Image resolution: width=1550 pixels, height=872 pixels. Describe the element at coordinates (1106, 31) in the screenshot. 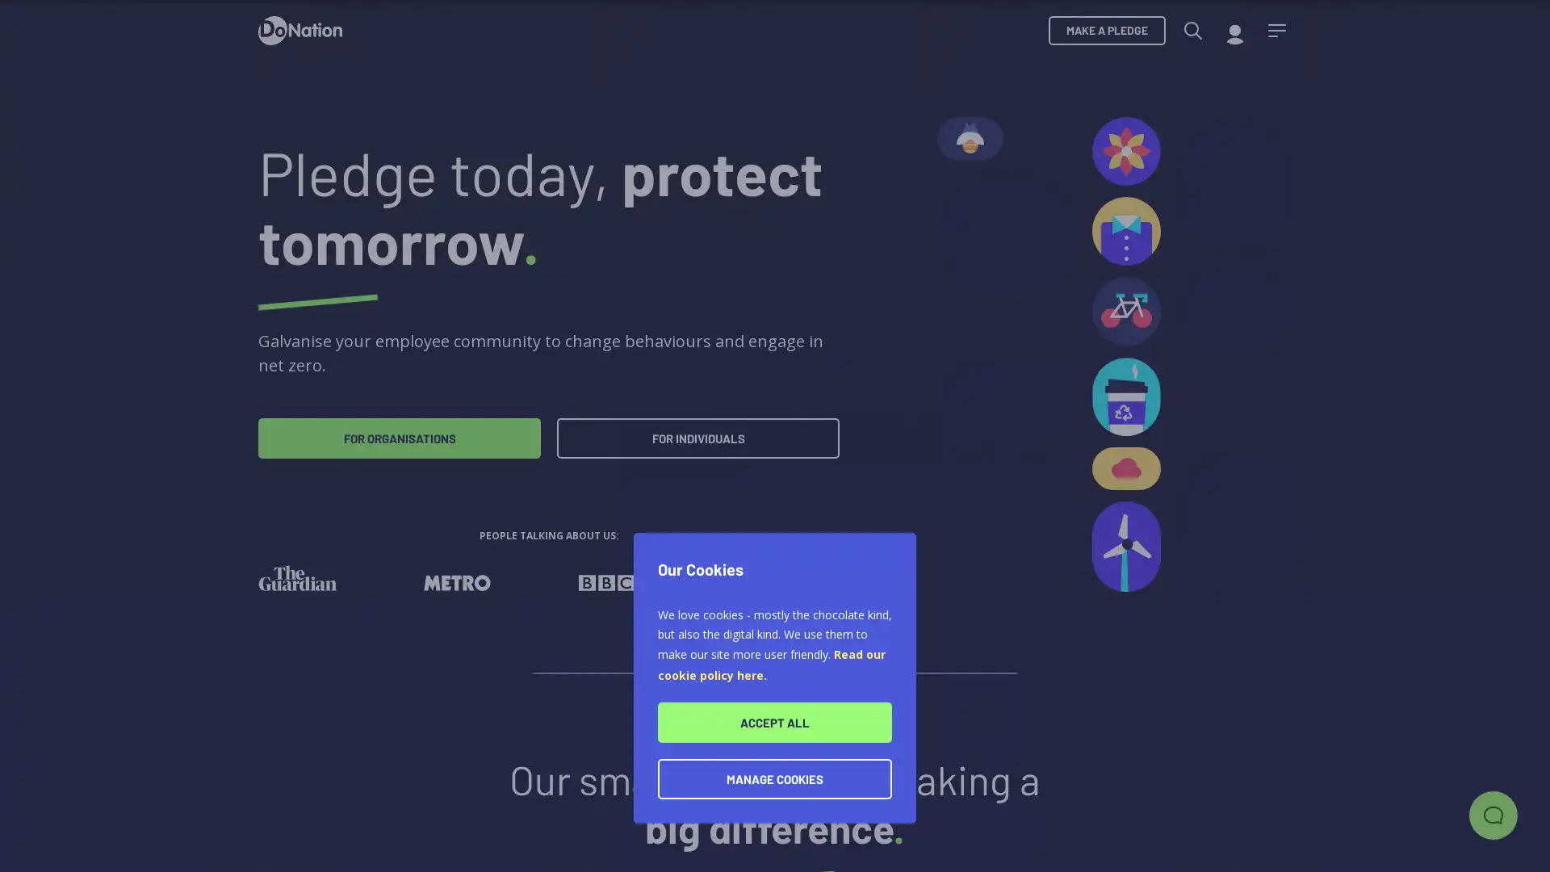

I see `MAKE A PLEDGE` at that location.